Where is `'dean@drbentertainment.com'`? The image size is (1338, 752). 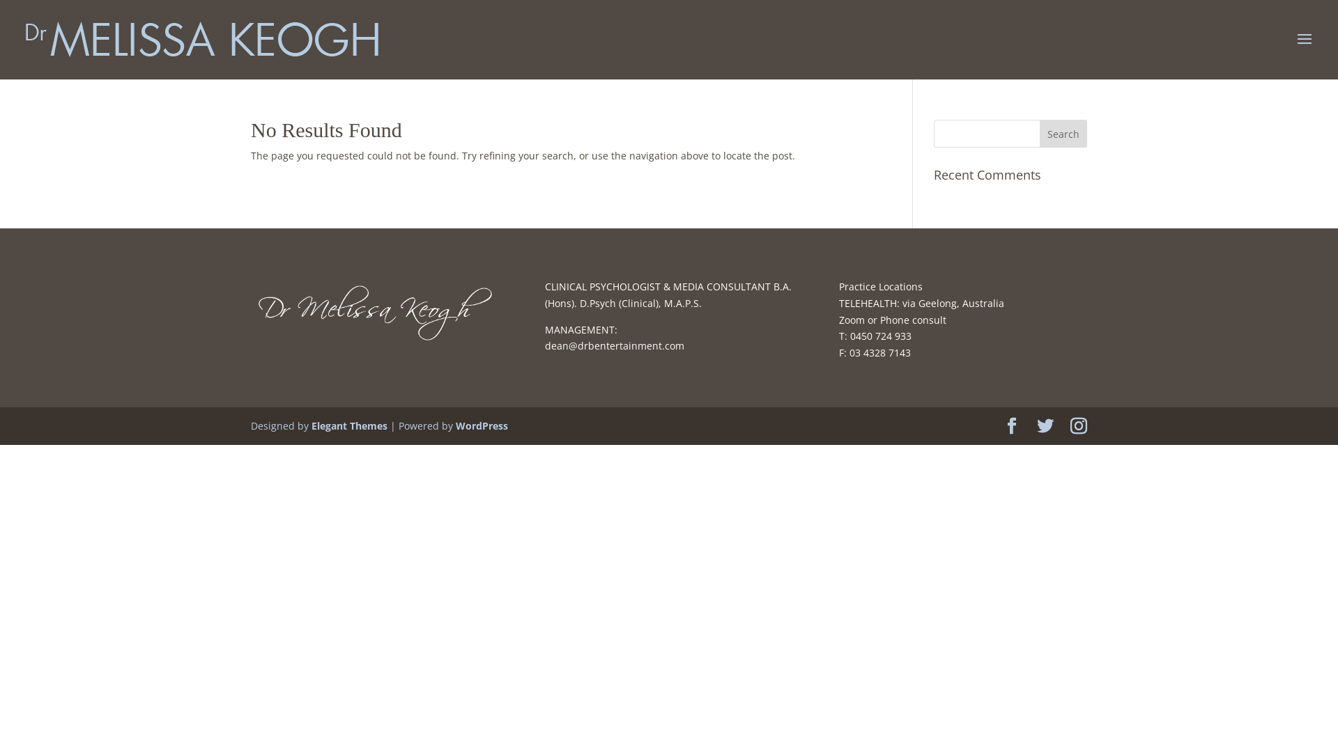 'dean@drbentertainment.com' is located at coordinates (544, 345).